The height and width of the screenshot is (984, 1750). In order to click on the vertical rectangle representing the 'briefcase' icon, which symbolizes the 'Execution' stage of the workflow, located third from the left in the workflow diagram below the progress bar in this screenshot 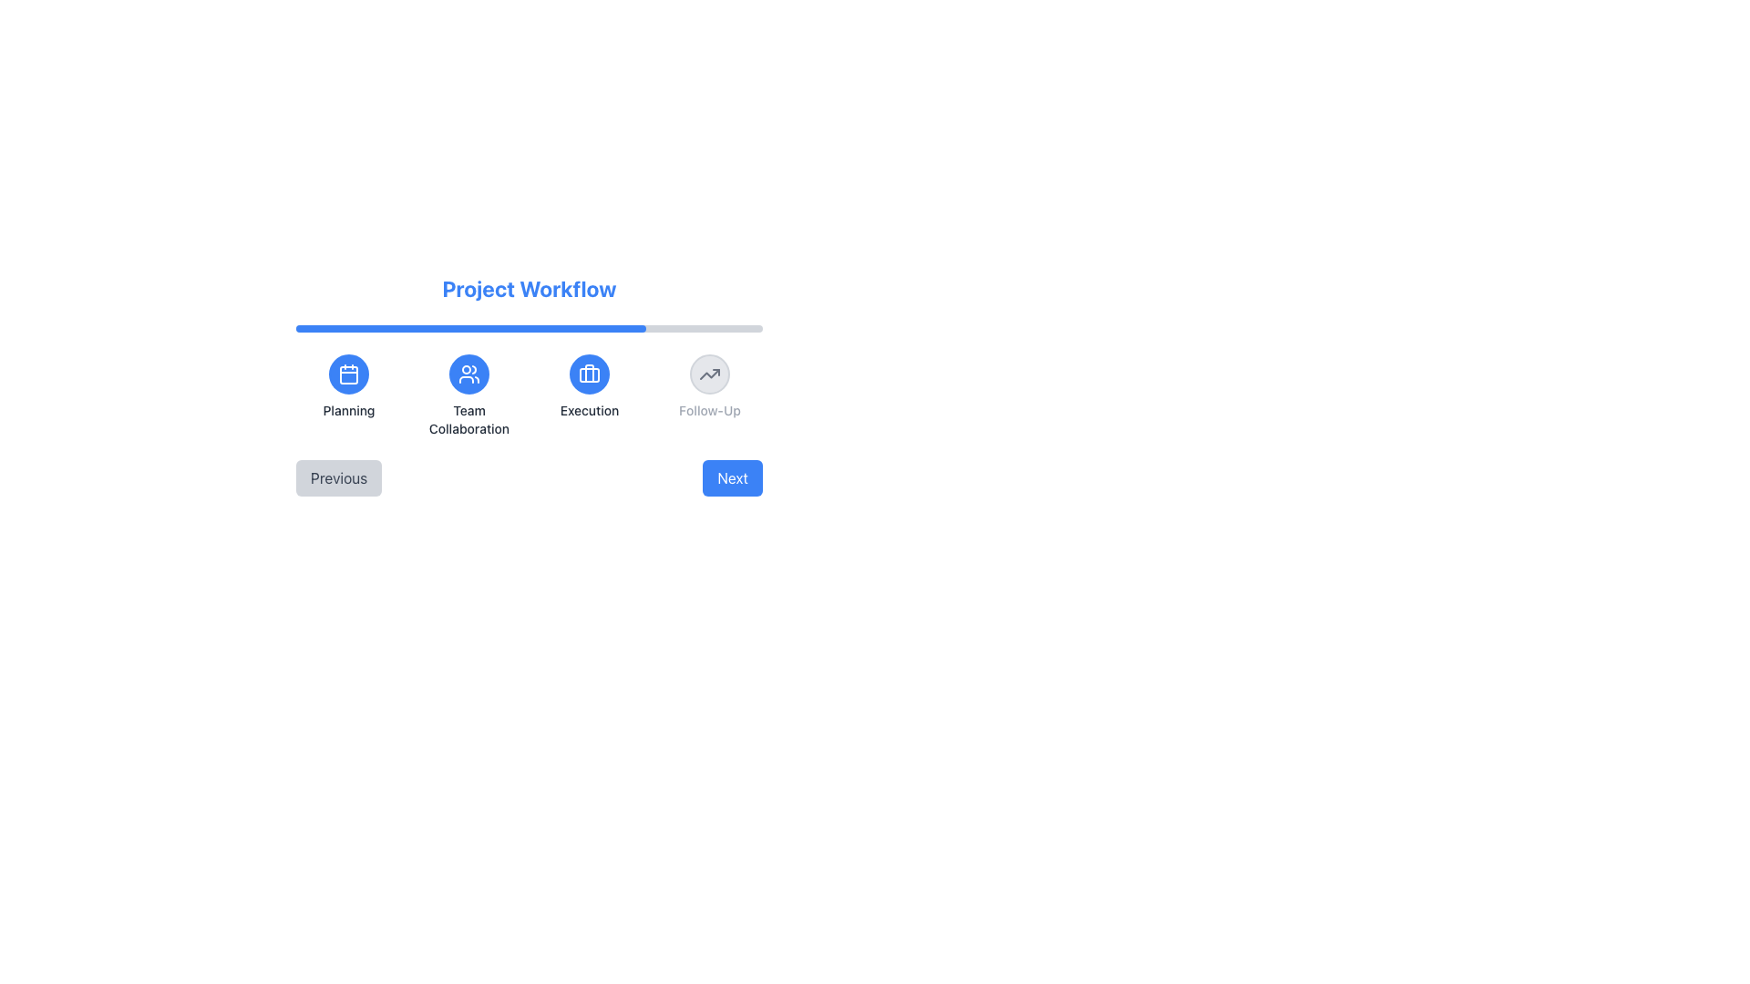, I will do `click(590, 372)`.